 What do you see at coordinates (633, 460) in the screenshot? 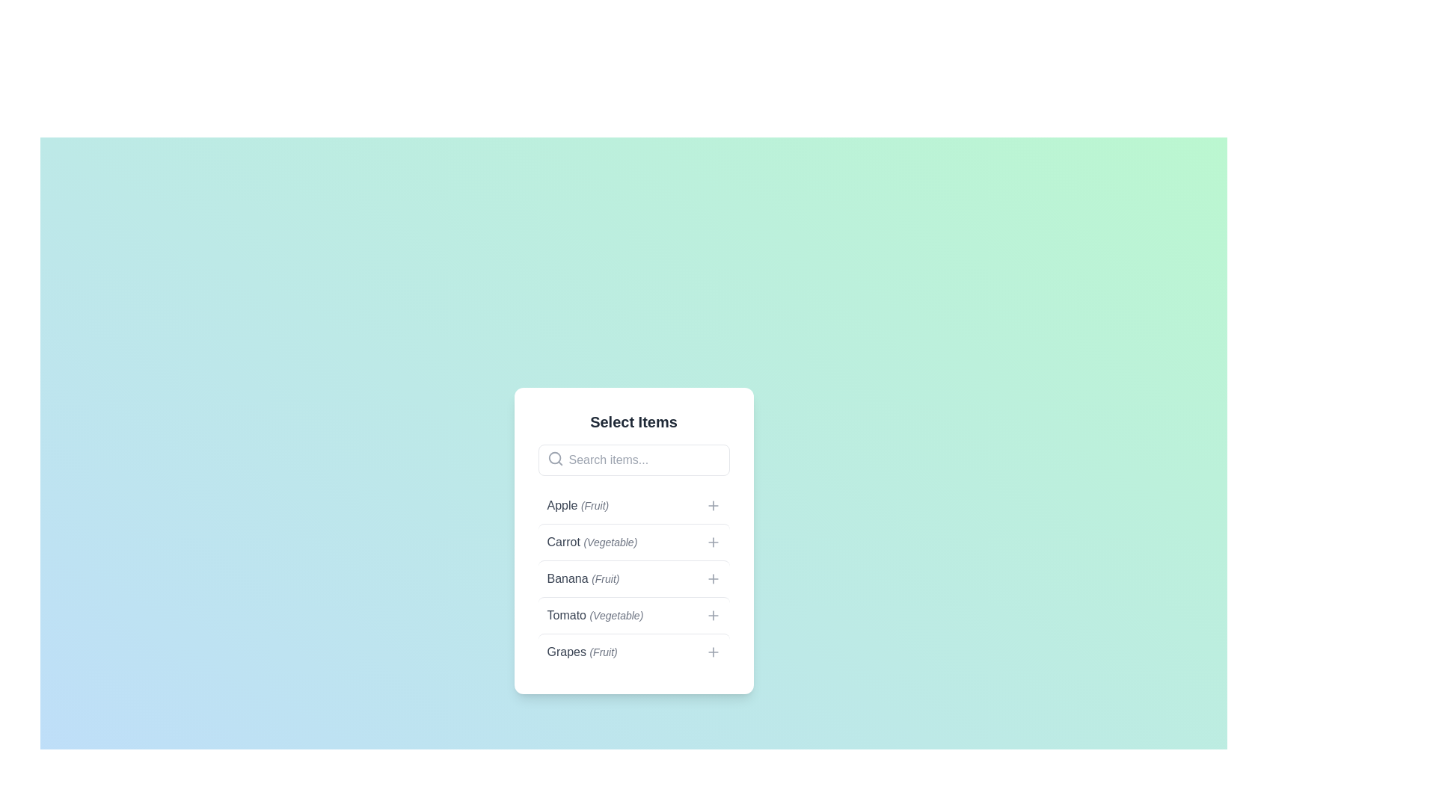
I see `the search input box located at the top of the list section within the 'Select Items' card interface` at bounding box center [633, 460].